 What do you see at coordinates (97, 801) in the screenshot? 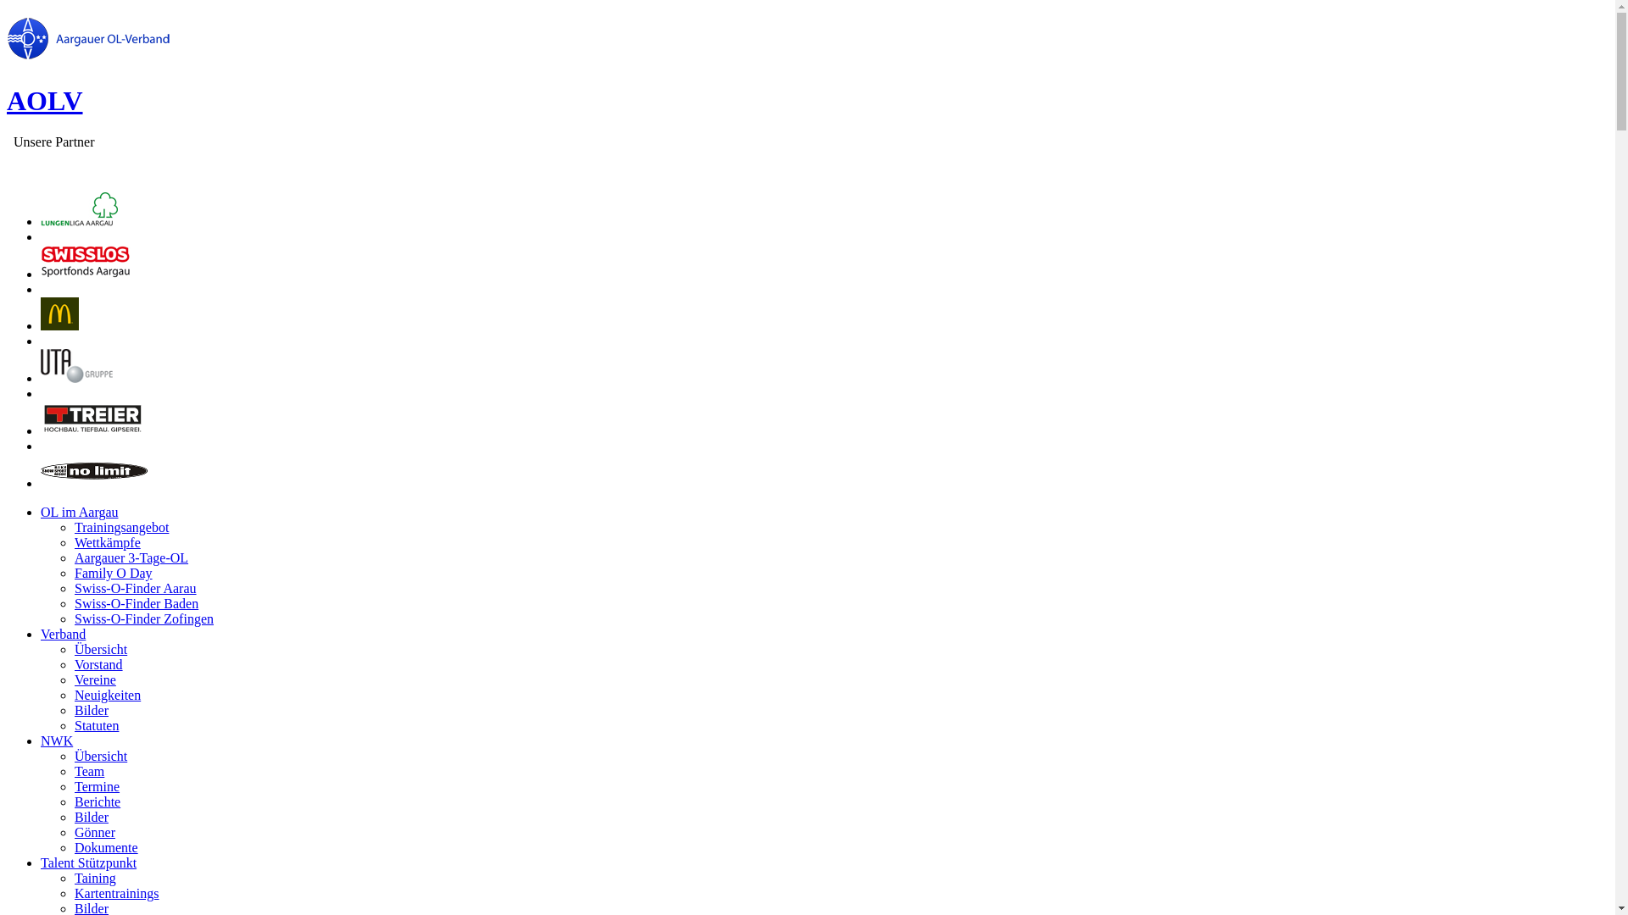
I see `'Berichte'` at bounding box center [97, 801].